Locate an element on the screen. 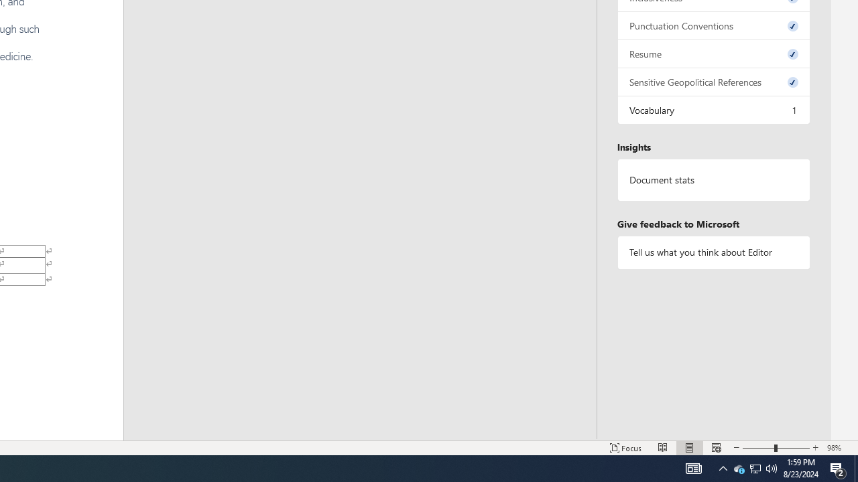 This screenshot has width=858, height=482. 'Zoom' is located at coordinates (776, 448).